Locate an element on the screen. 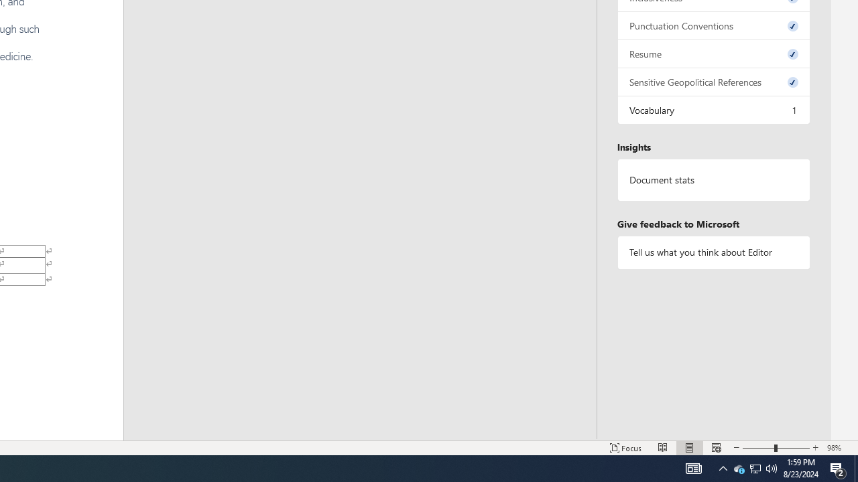 This screenshot has width=858, height=482. 'Zoom' is located at coordinates (776, 448).